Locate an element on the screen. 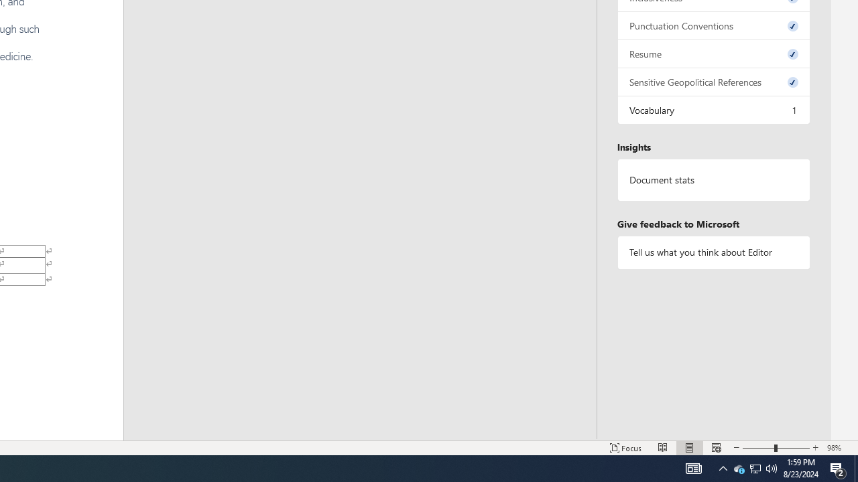 This screenshot has width=858, height=482. 'Zoom' is located at coordinates (776, 448).